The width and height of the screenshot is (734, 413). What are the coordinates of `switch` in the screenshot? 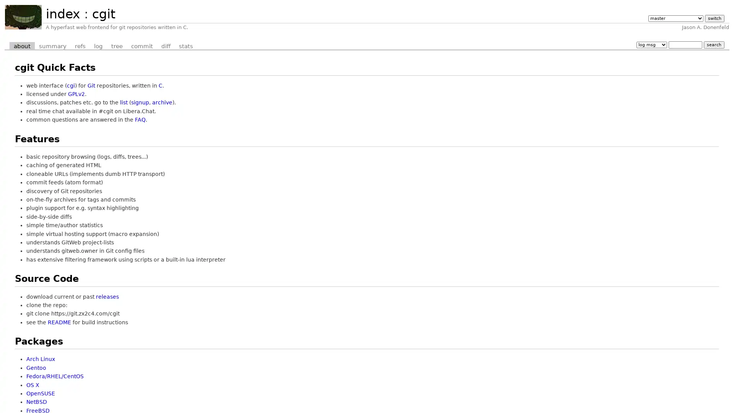 It's located at (714, 18).